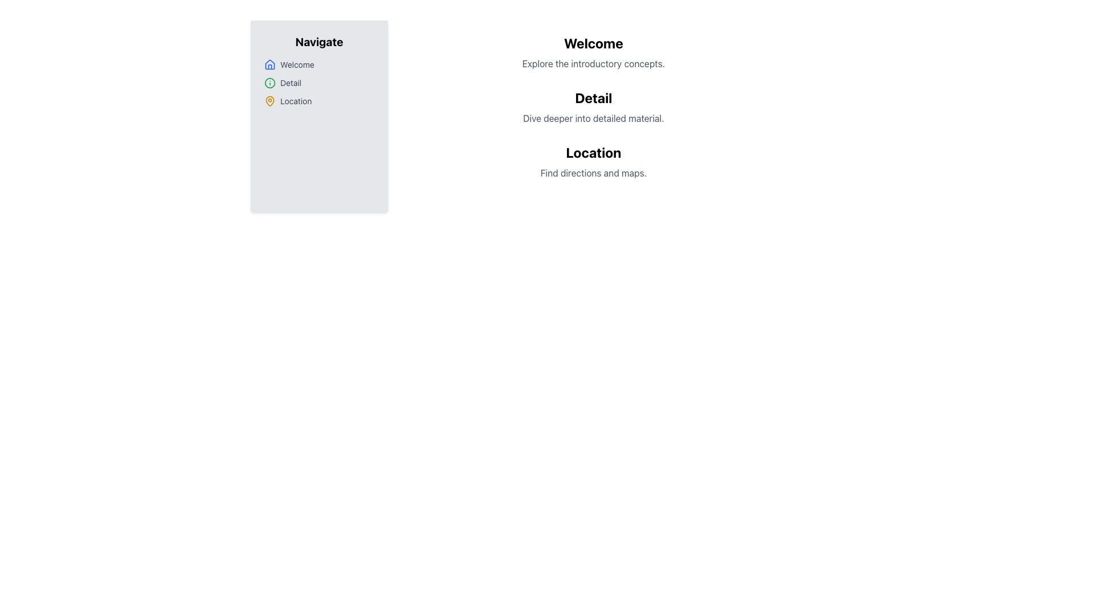 This screenshot has width=1094, height=615. I want to click on the yellow map pin icon located in the left-side navigation panel, adjacent to the text label 'Location', so click(270, 100).